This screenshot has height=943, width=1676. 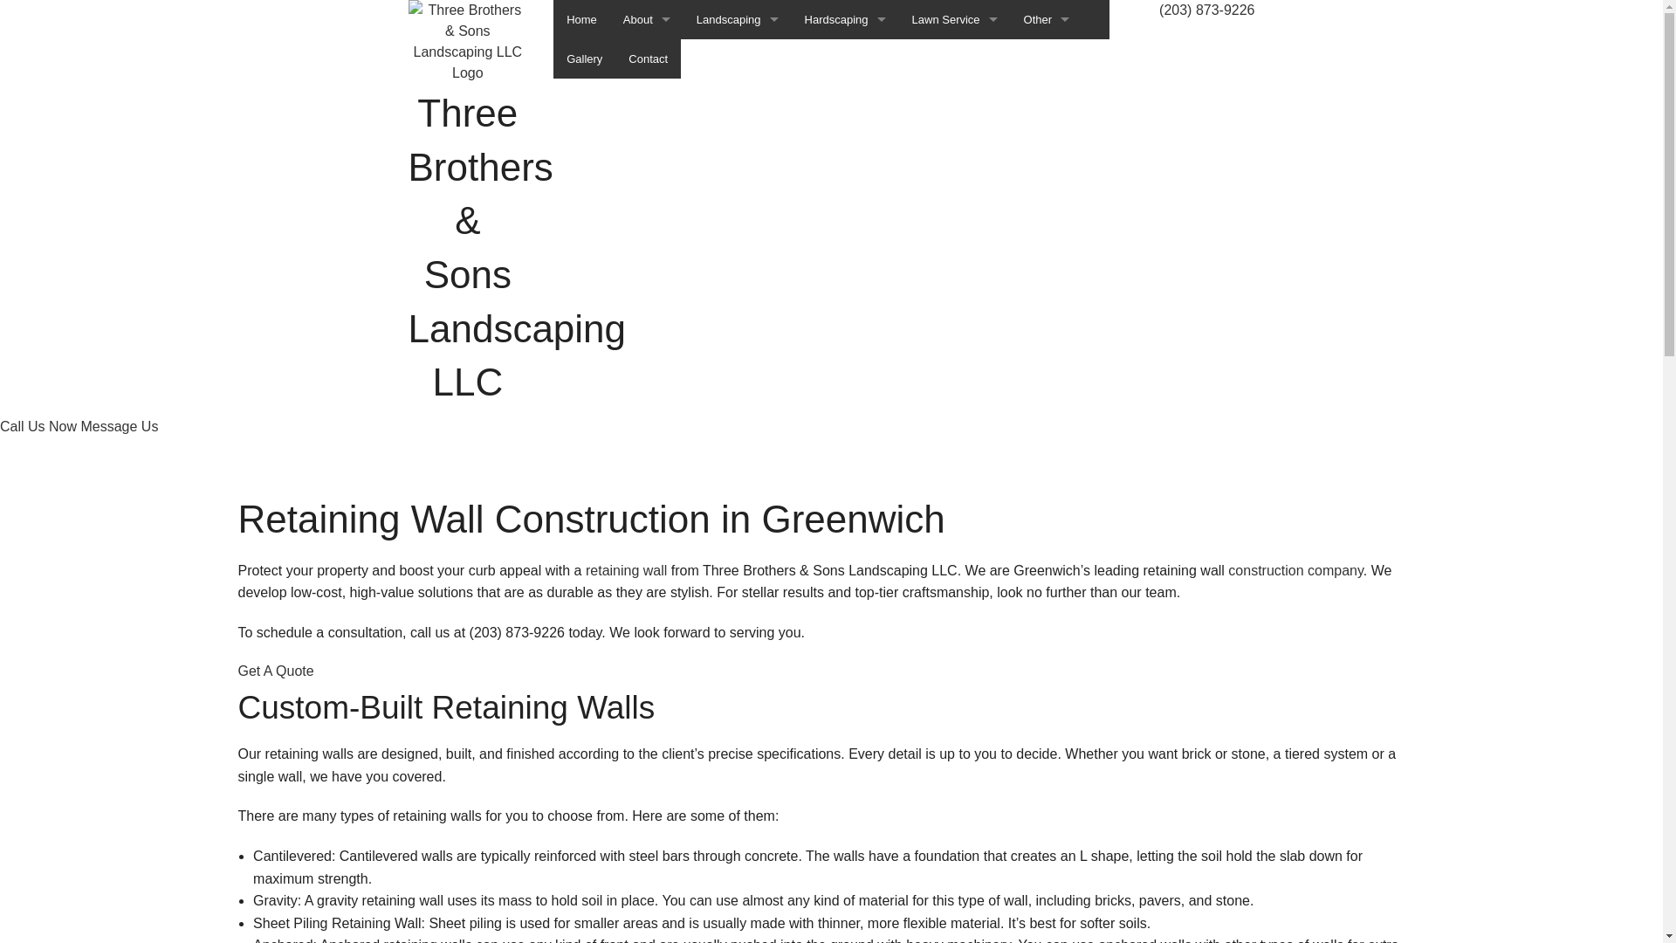 I want to click on 'Lawn Service', so click(x=954, y=19).